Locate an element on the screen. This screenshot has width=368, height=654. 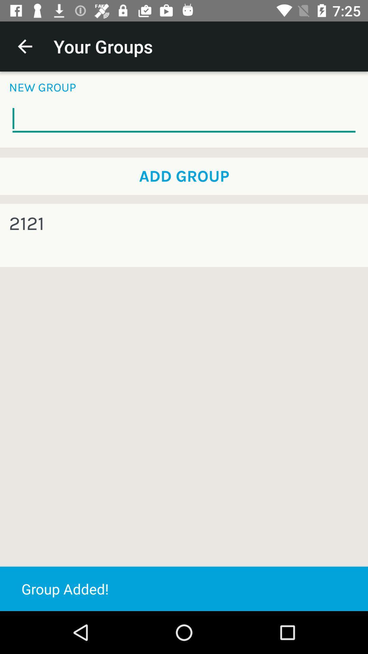
app next to your groups is located at coordinates (25, 46).